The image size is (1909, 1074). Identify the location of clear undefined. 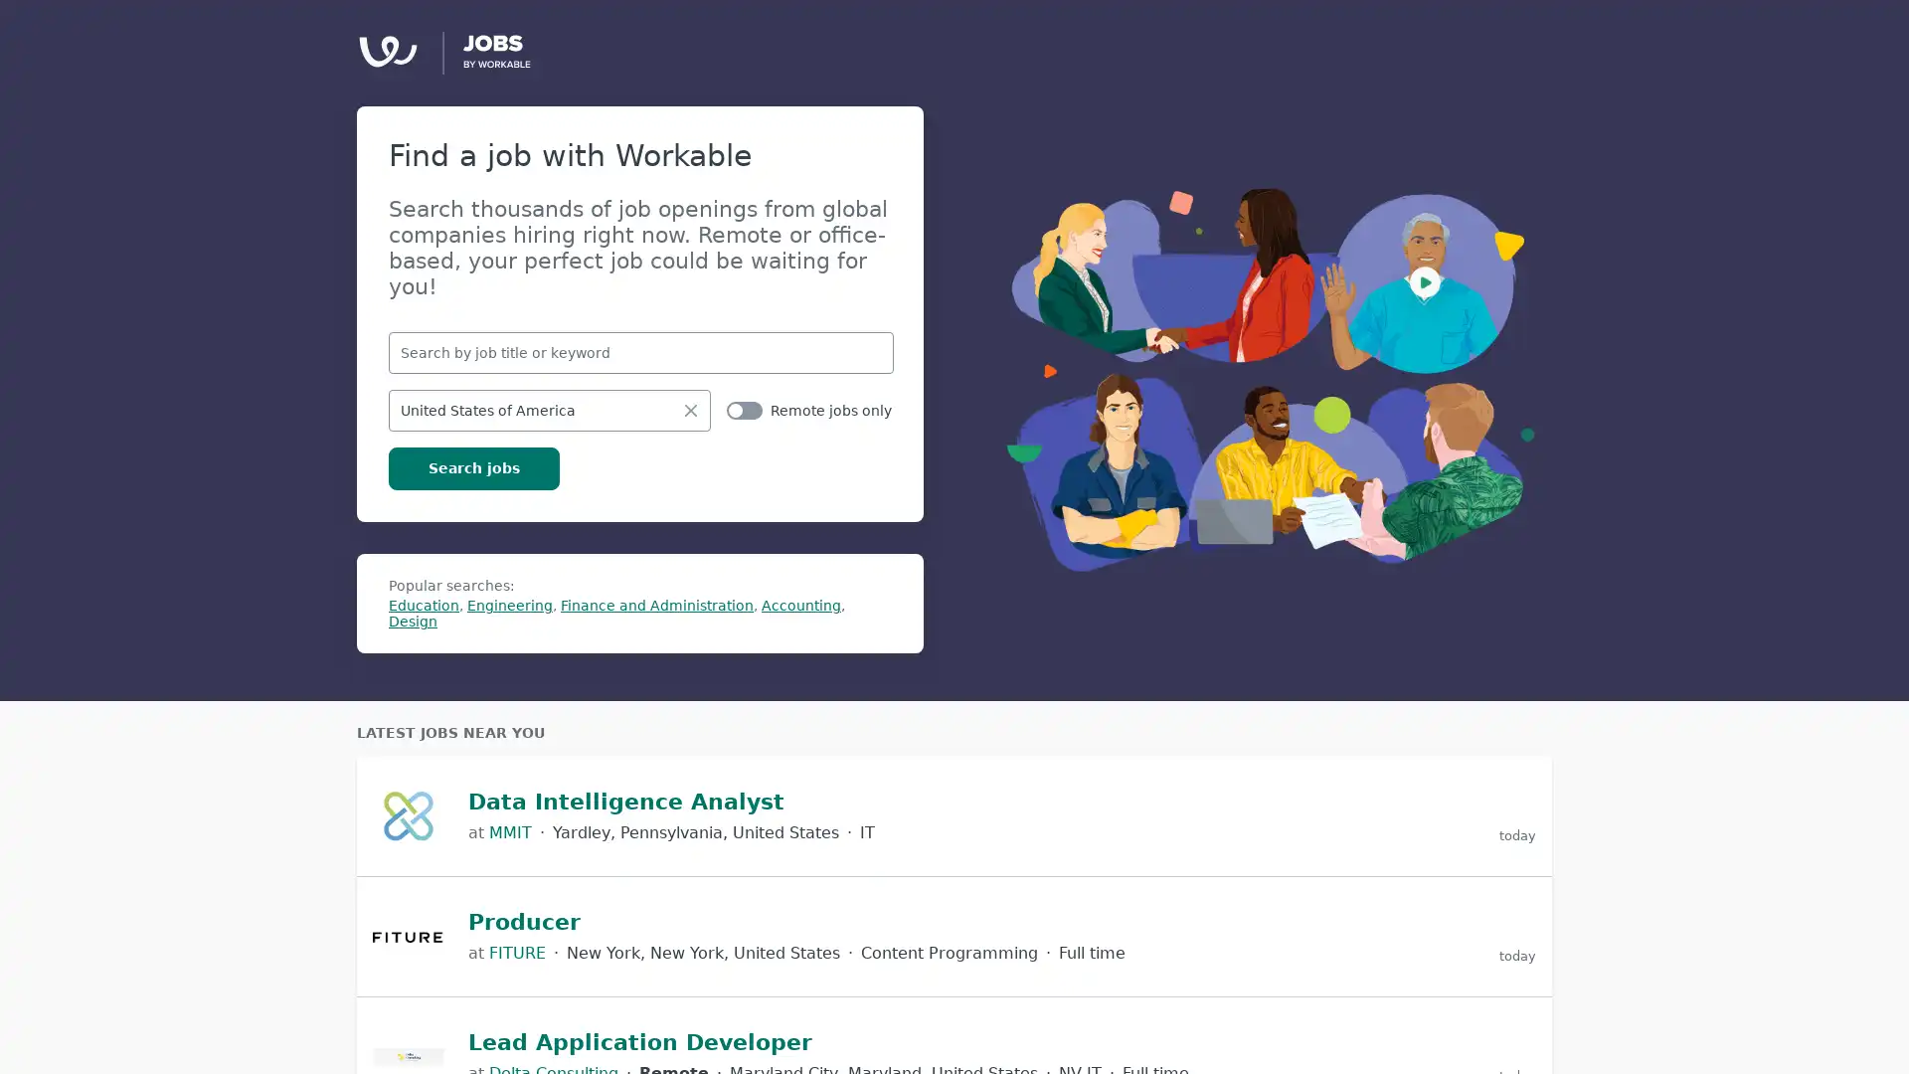
(691, 409).